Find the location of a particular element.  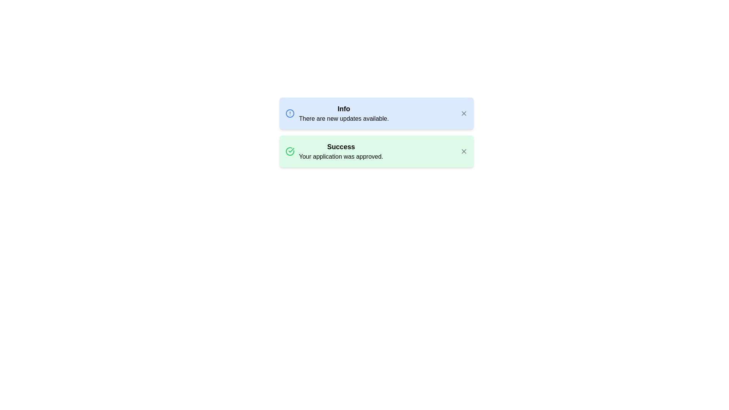

the informative text element that displays 'Success' and 'Your application was approved.' in the lower notification box with a light green background is located at coordinates (341, 151).